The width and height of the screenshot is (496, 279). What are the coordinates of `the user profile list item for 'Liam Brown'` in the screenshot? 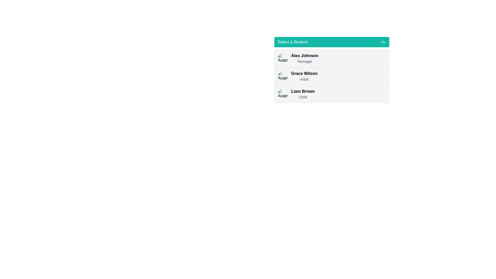 It's located at (332, 94).